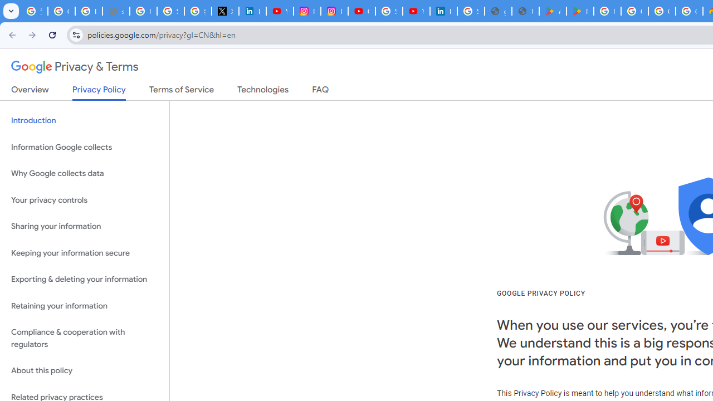 This screenshot has height=401, width=713. What do you see at coordinates (84, 306) in the screenshot?
I see `'Retaining your information'` at bounding box center [84, 306].